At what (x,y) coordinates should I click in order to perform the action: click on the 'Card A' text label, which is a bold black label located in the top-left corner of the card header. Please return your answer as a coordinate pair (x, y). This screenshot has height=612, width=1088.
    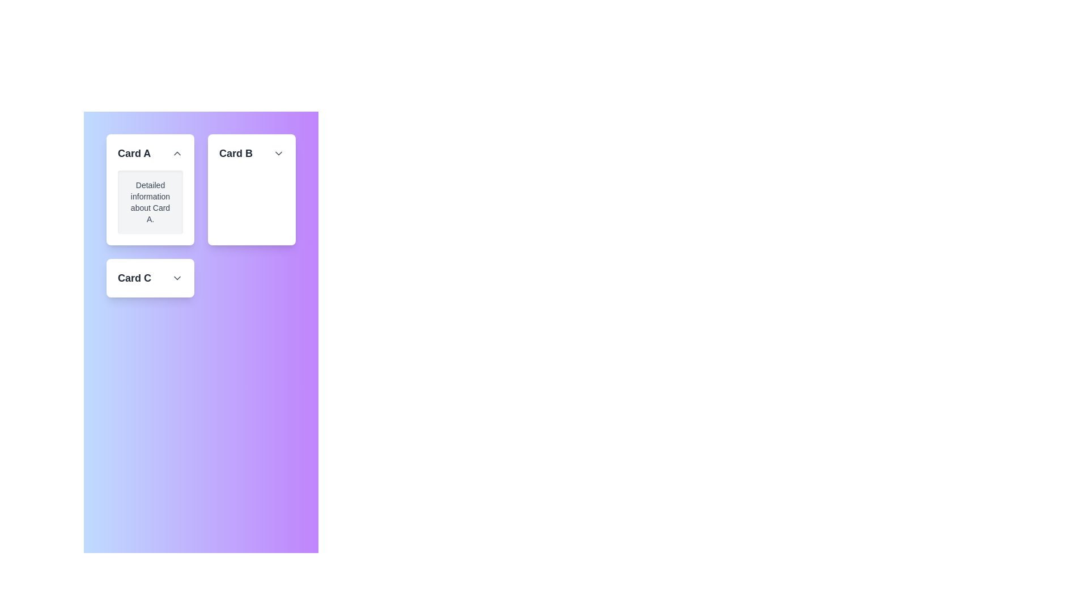
    Looking at the image, I should click on (134, 153).